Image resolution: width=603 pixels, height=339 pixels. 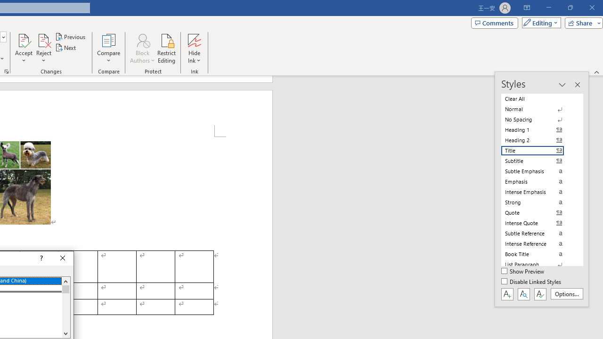 What do you see at coordinates (43, 48) in the screenshot?
I see `'Reject'` at bounding box center [43, 48].